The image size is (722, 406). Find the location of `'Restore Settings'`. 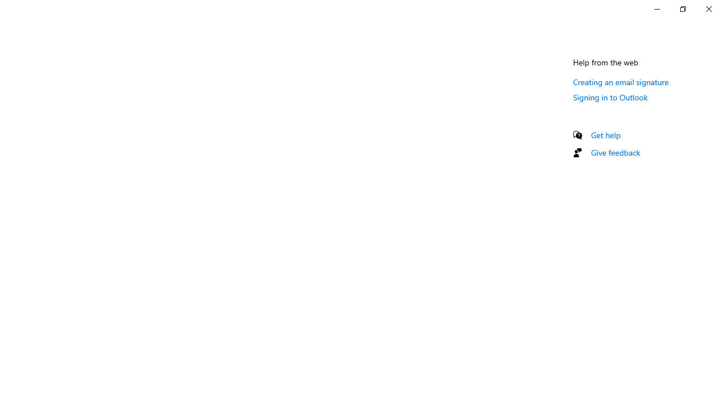

'Restore Settings' is located at coordinates (682, 8).